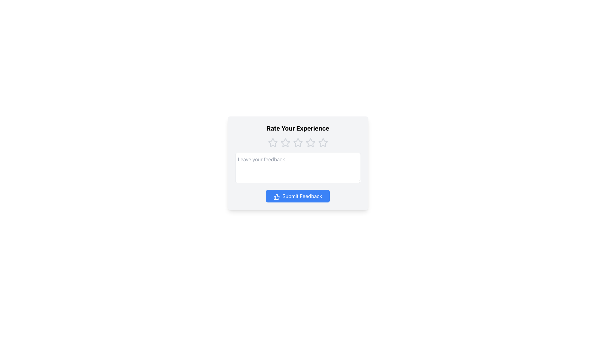  Describe the element at coordinates (297, 196) in the screenshot. I see `the feedback submission button to see a focus outline` at that location.